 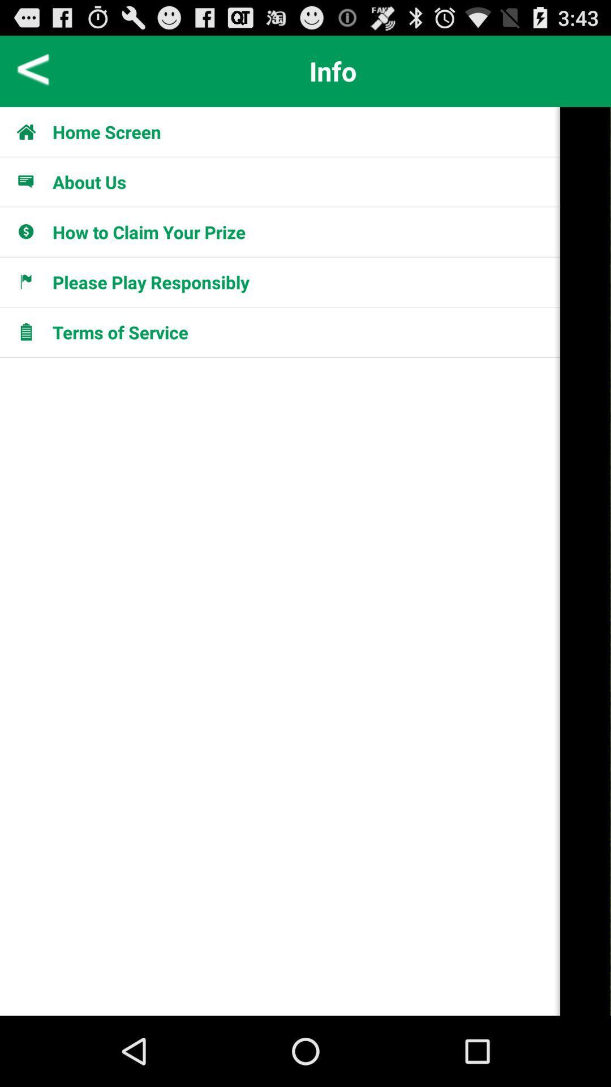 What do you see at coordinates (32, 182) in the screenshot?
I see `about us icon` at bounding box center [32, 182].